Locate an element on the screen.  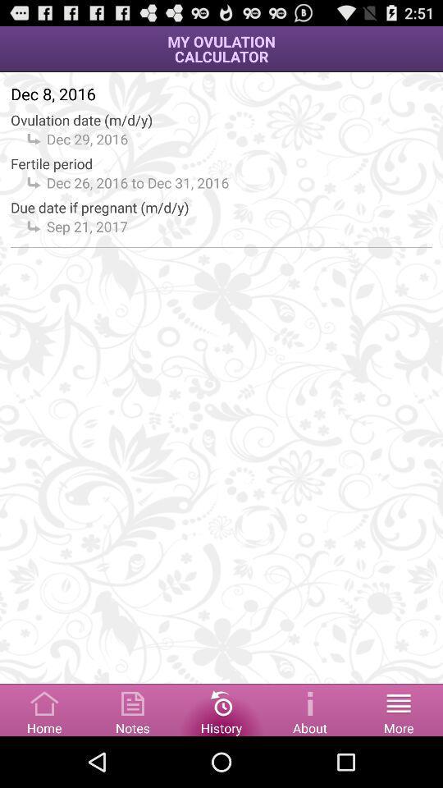
open notes is located at coordinates (132, 708).